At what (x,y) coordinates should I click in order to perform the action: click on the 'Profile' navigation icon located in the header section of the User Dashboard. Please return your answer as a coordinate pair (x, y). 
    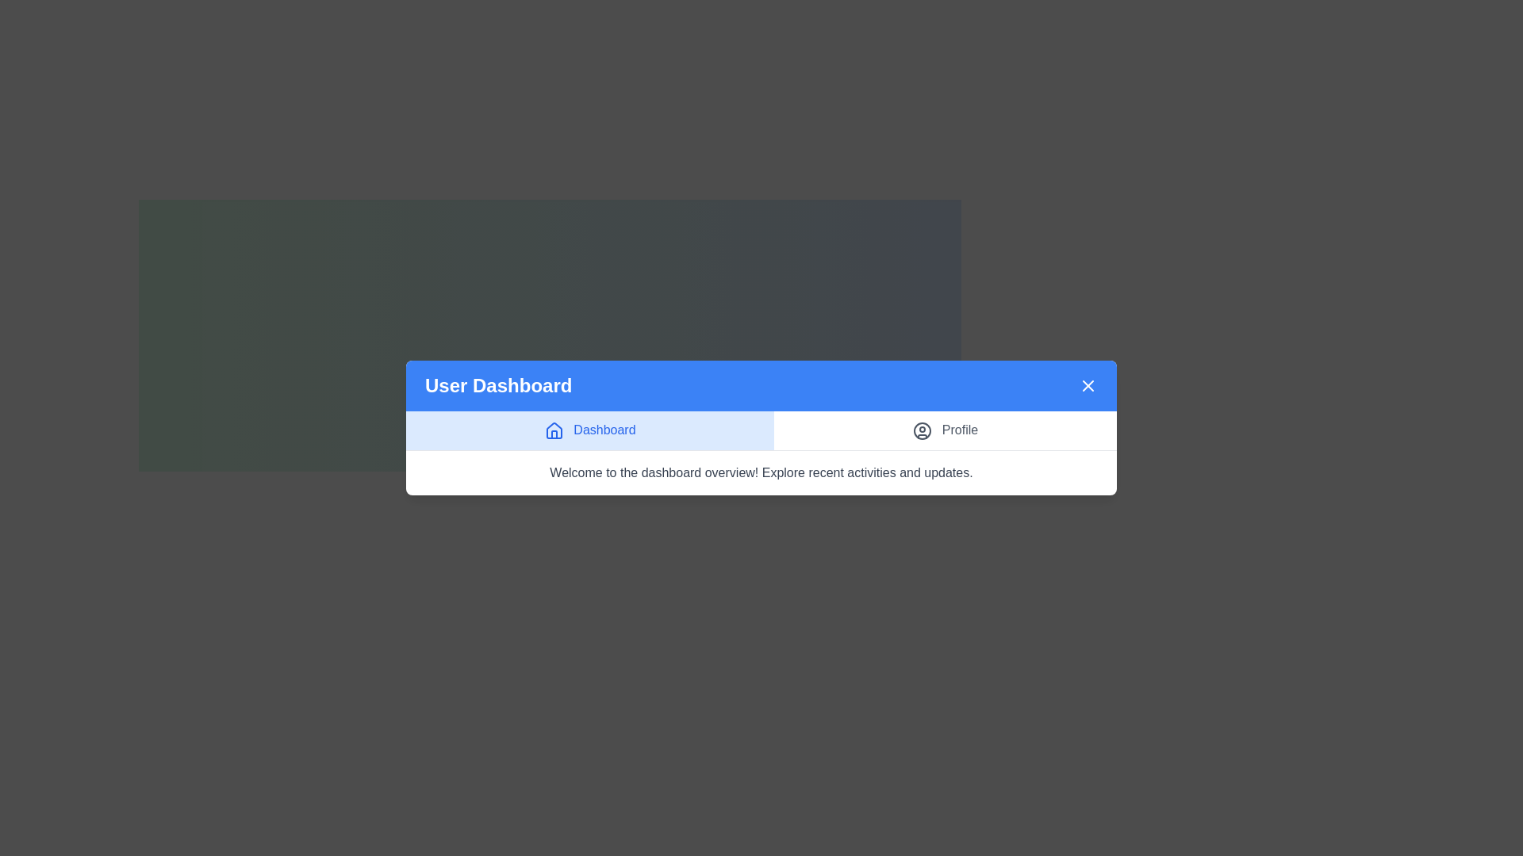
    Looking at the image, I should click on (923, 430).